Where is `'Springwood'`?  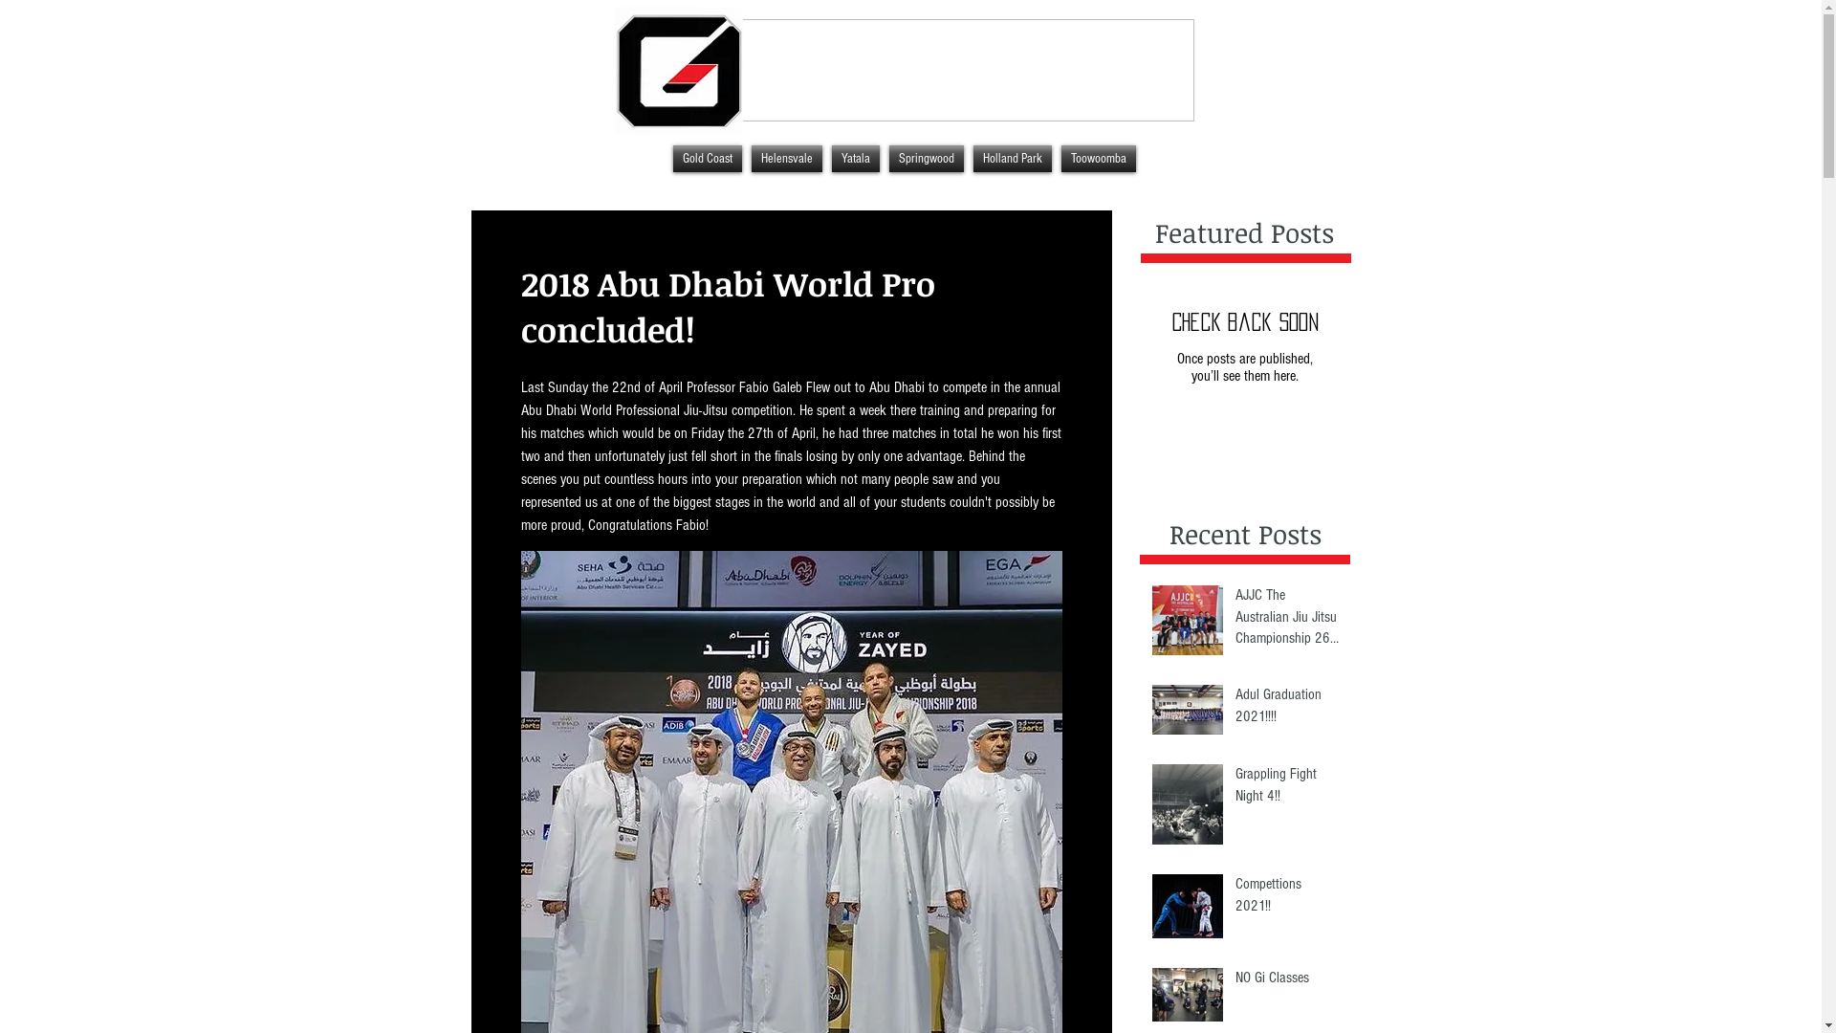
'Springwood' is located at coordinates (926, 157).